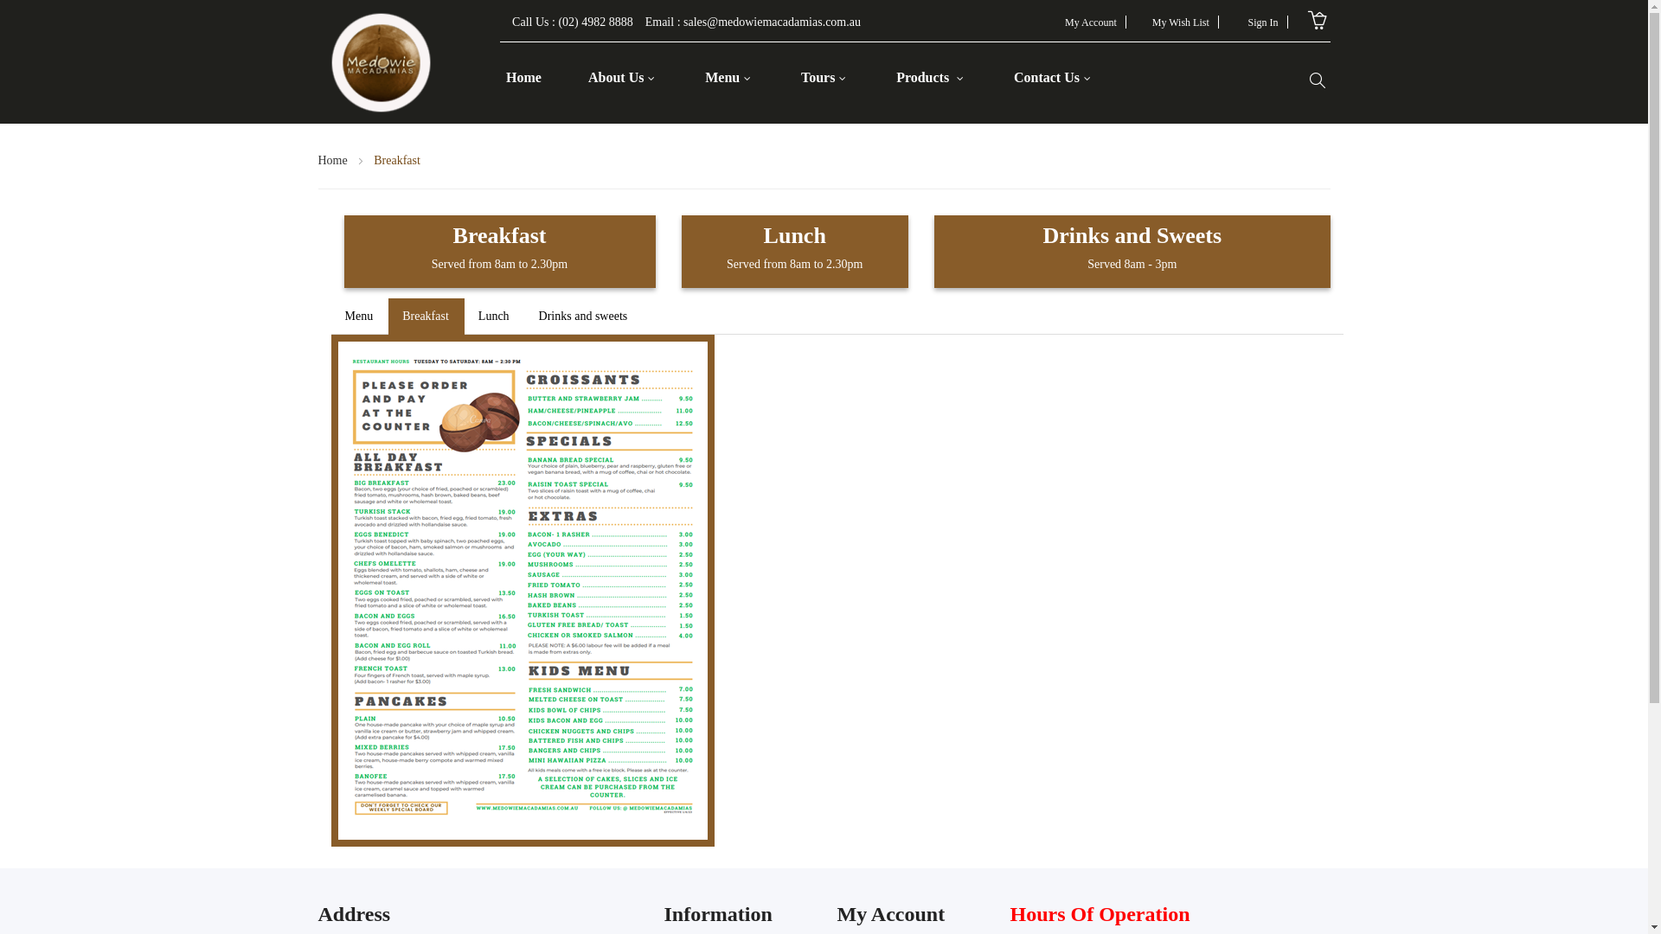 The width and height of the screenshot is (1661, 934). Describe the element at coordinates (822, 76) in the screenshot. I see `'Tours'` at that location.